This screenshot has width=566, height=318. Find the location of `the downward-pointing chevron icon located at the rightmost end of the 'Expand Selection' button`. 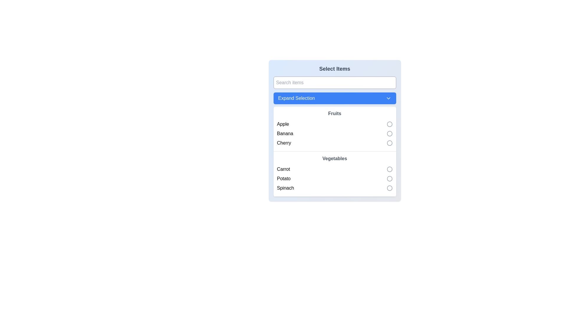

the downward-pointing chevron icon located at the rightmost end of the 'Expand Selection' button is located at coordinates (388, 98).